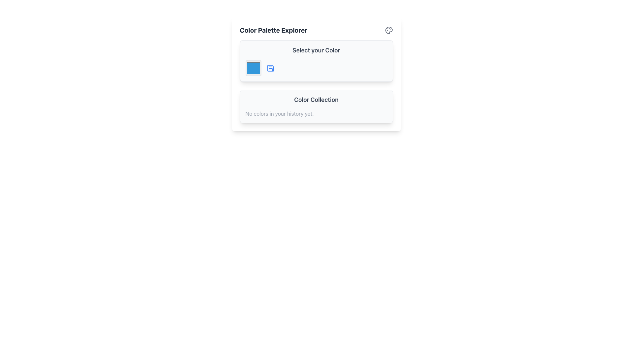  I want to click on the bold title text 'Color Palette Explorer' at the top of the color-related exploration panel, so click(273, 30).